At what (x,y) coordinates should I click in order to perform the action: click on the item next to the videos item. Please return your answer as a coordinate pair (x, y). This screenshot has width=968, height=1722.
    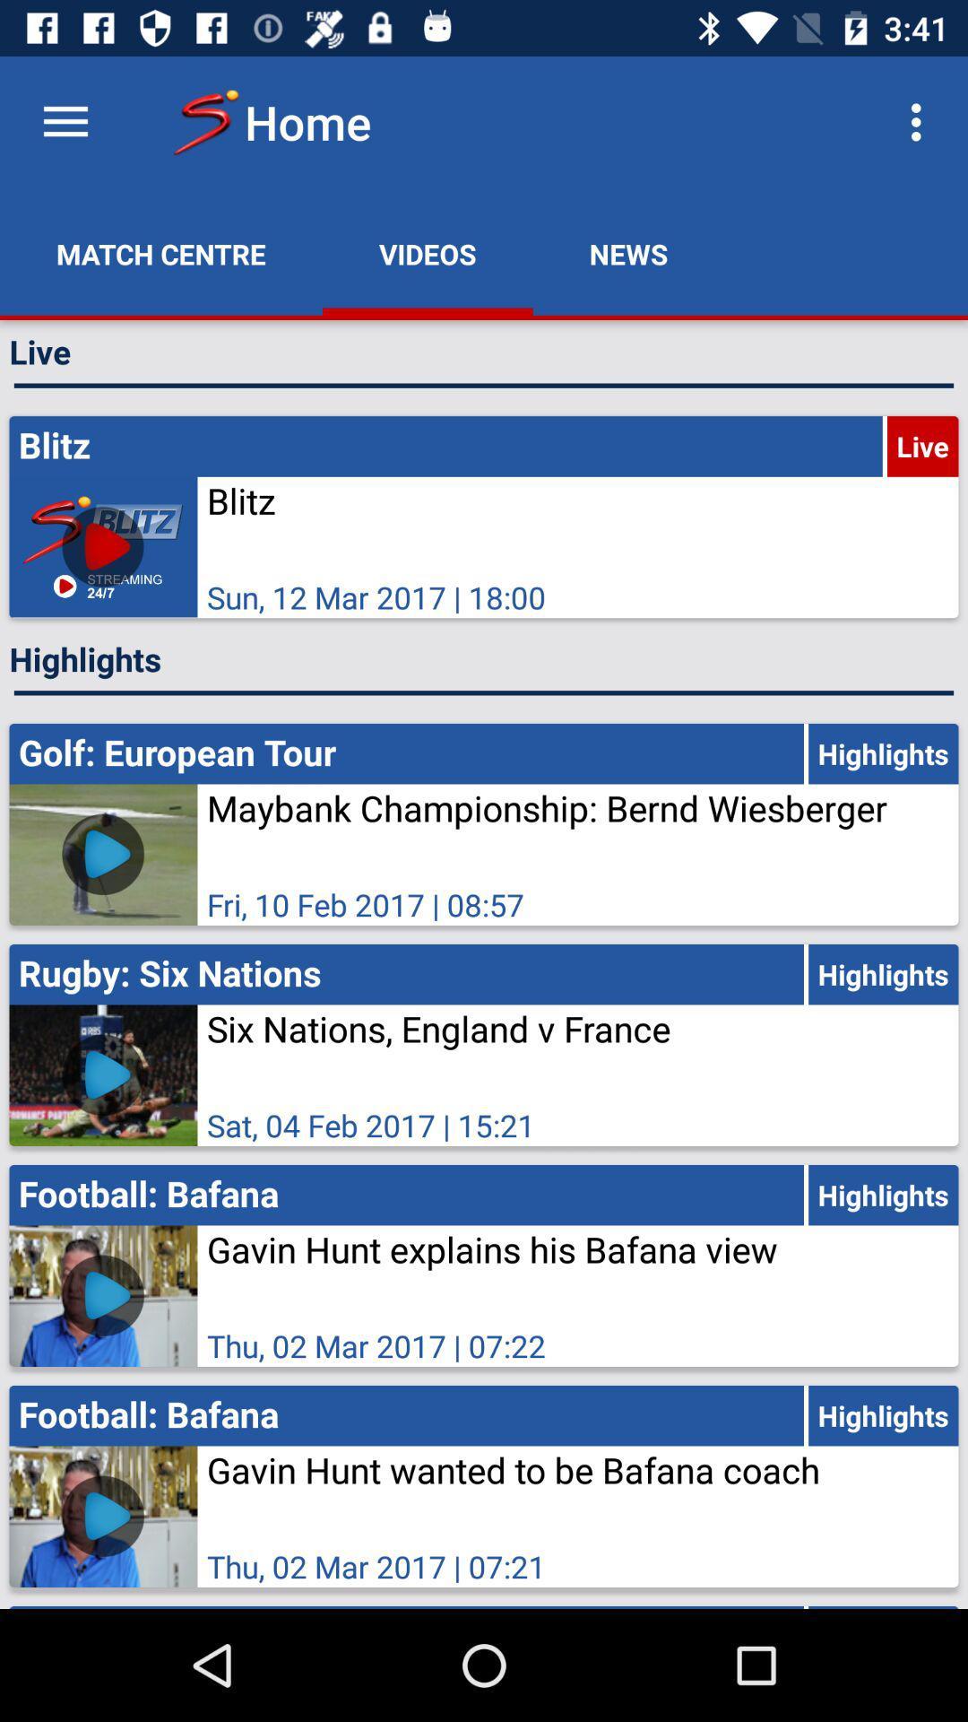
    Looking at the image, I should click on (161, 253).